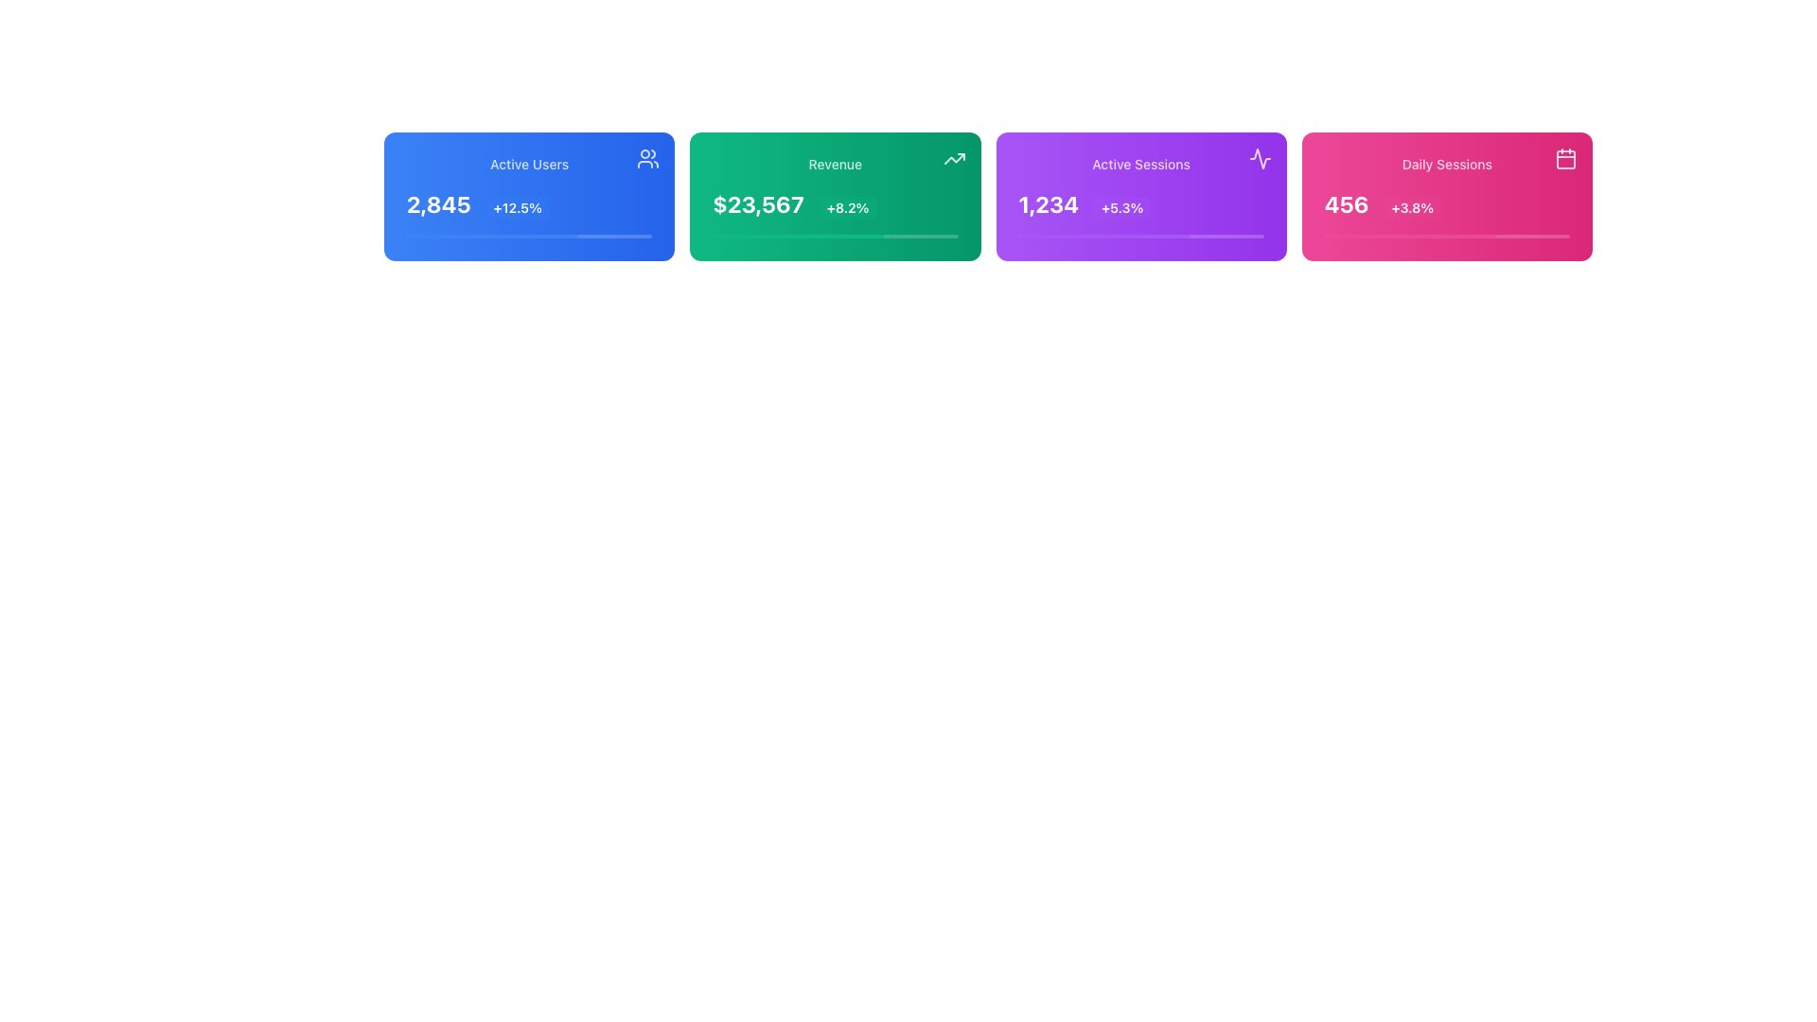 The width and height of the screenshot is (1817, 1022). What do you see at coordinates (1566, 158) in the screenshot?
I see `the calendar icon located` at bounding box center [1566, 158].